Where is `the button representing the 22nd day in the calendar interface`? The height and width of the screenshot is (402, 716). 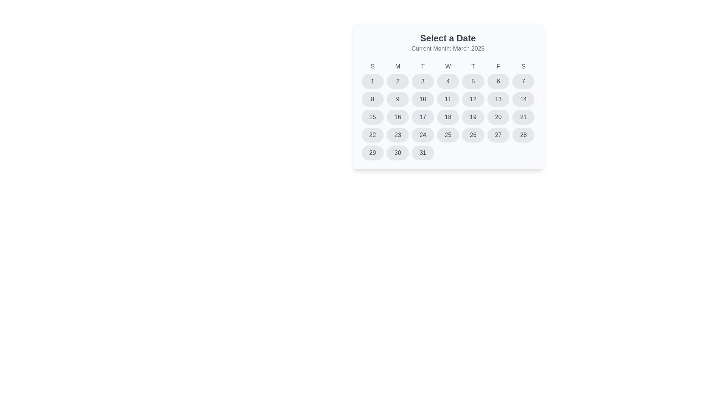 the button representing the 22nd day in the calendar interface is located at coordinates (373, 135).